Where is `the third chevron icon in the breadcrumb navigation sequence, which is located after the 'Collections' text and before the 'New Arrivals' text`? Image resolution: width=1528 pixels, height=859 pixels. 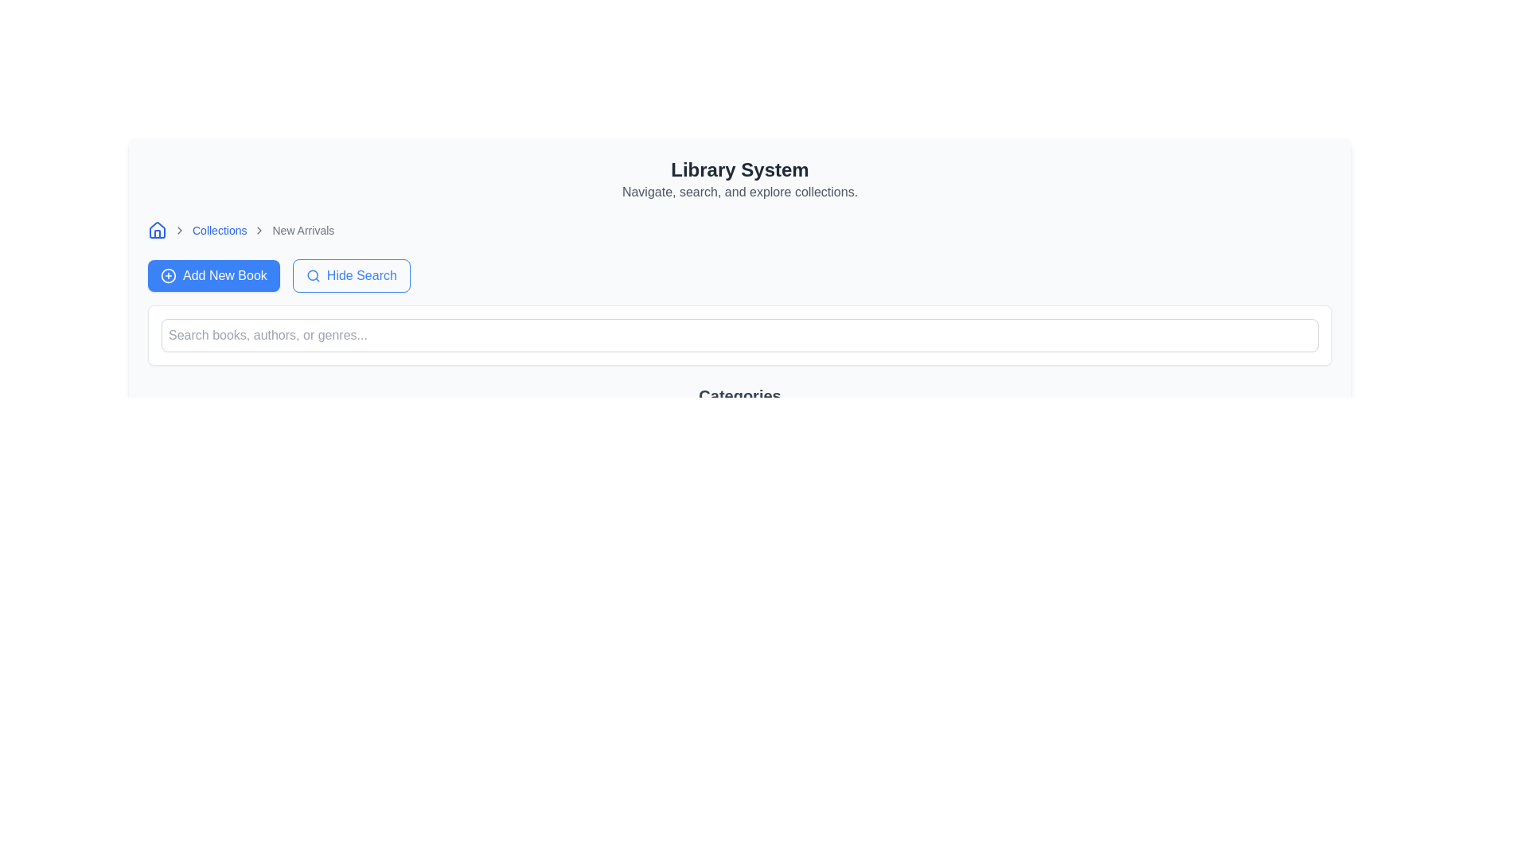 the third chevron icon in the breadcrumb navigation sequence, which is located after the 'Collections' text and before the 'New Arrivals' text is located at coordinates (259, 230).